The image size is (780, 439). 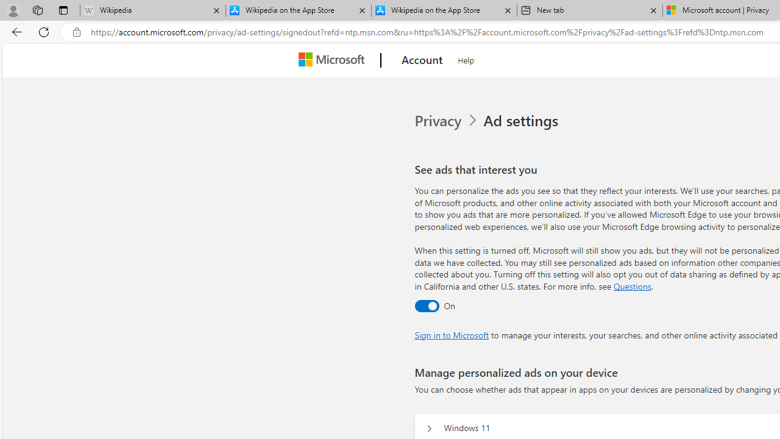 I want to click on 'Go to Questions section', so click(x=632, y=286).